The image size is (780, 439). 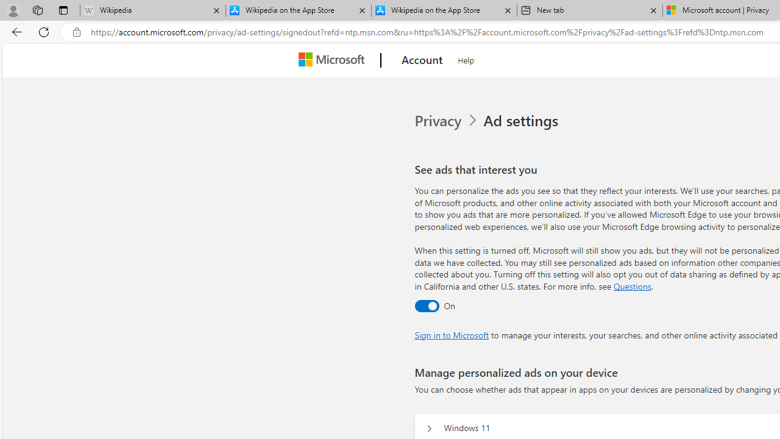 I want to click on 'Go to Questions section', so click(x=632, y=286).